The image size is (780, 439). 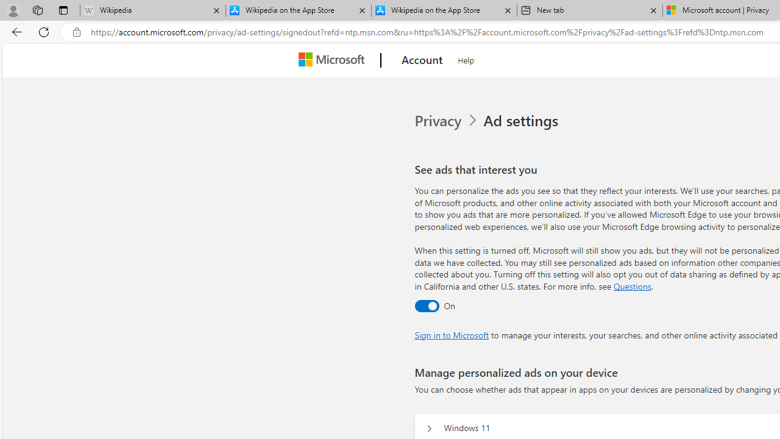 I want to click on 'Go to Questions section', so click(x=632, y=286).